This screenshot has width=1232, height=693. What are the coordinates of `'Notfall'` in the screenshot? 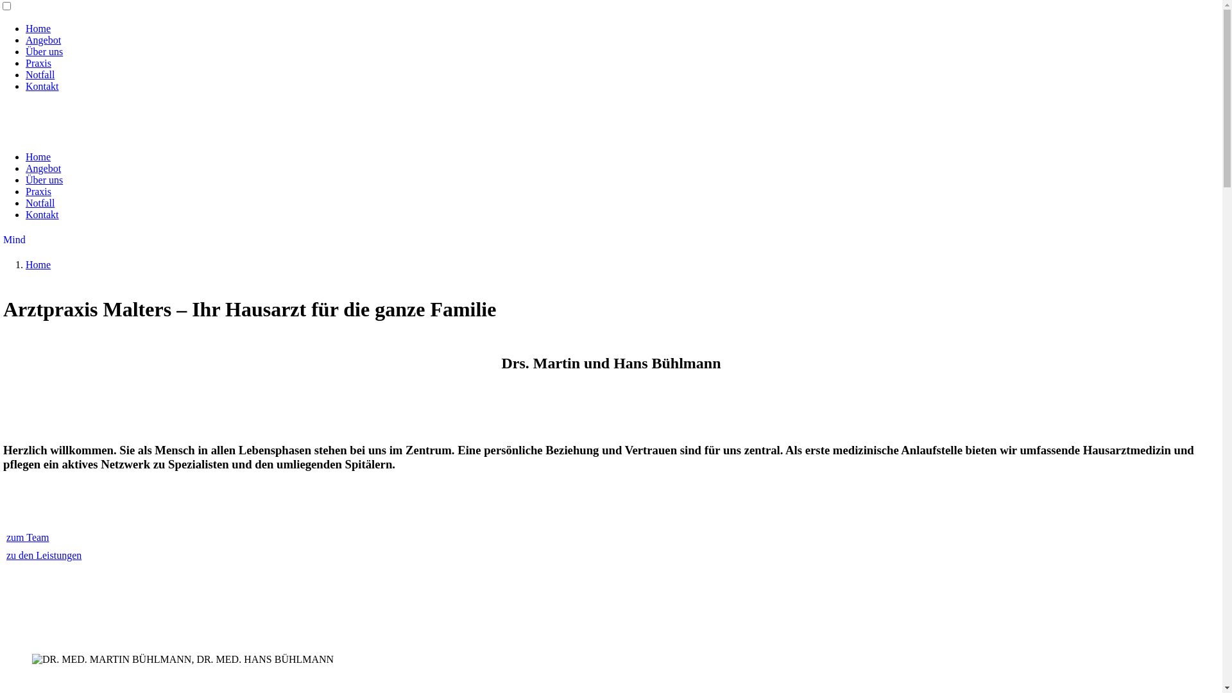 It's located at (40, 202).